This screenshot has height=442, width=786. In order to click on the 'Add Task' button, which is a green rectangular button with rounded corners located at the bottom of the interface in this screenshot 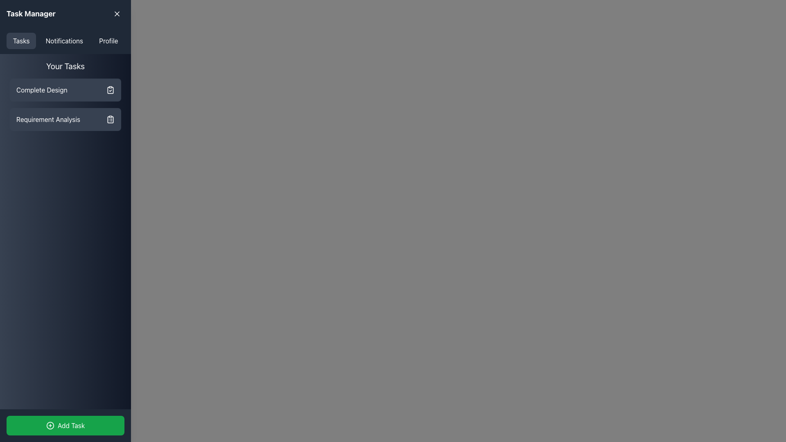, I will do `click(71, 425)`.